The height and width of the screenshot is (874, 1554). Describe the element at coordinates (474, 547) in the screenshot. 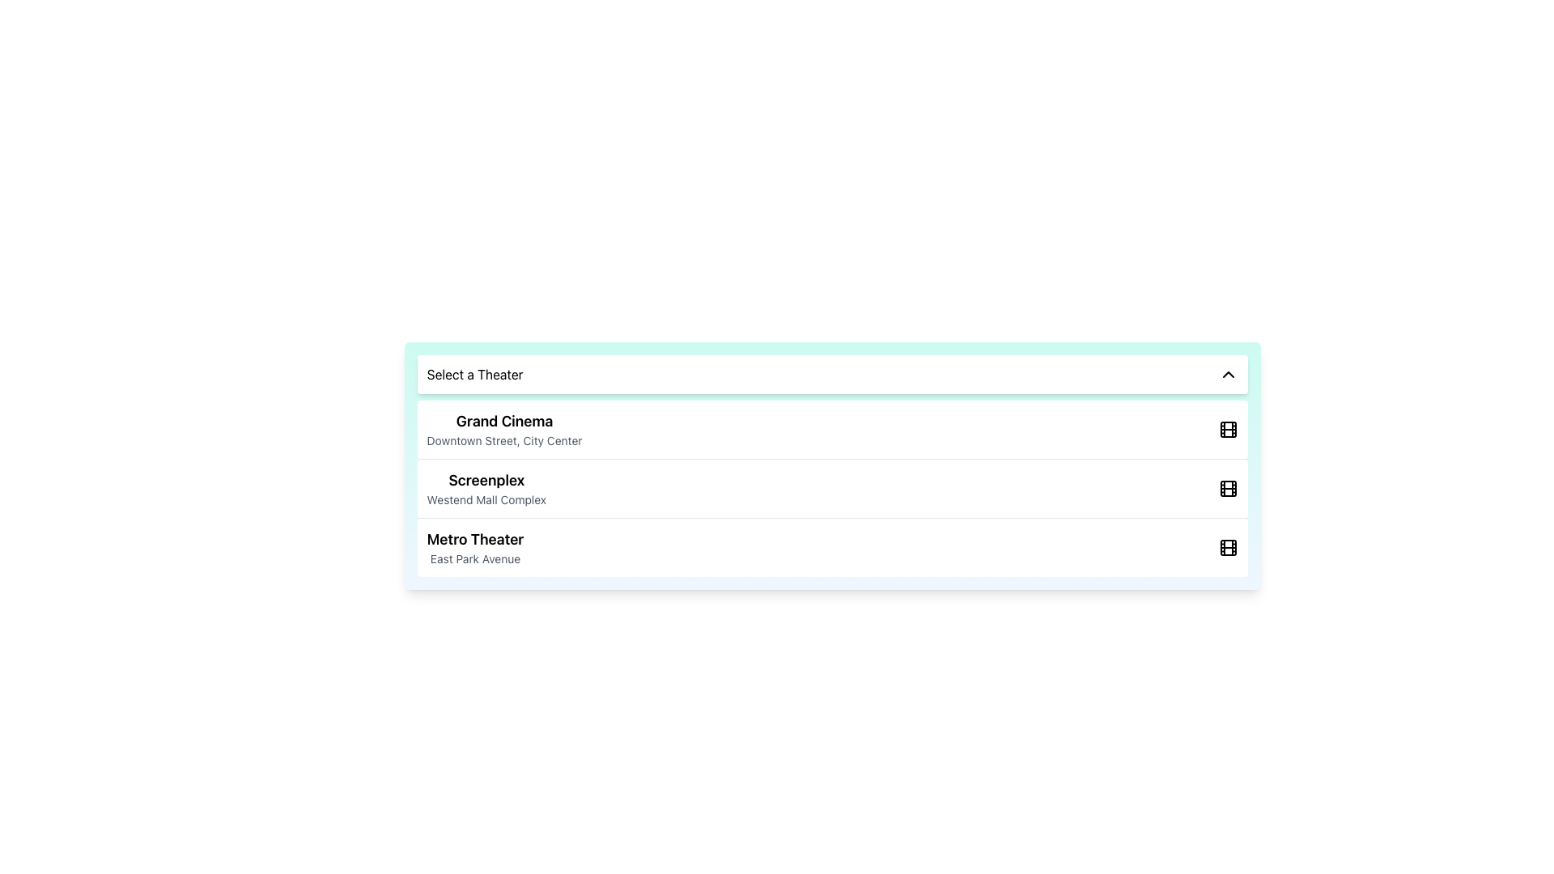

I see `the third list item in the theater selection menu` at that location.